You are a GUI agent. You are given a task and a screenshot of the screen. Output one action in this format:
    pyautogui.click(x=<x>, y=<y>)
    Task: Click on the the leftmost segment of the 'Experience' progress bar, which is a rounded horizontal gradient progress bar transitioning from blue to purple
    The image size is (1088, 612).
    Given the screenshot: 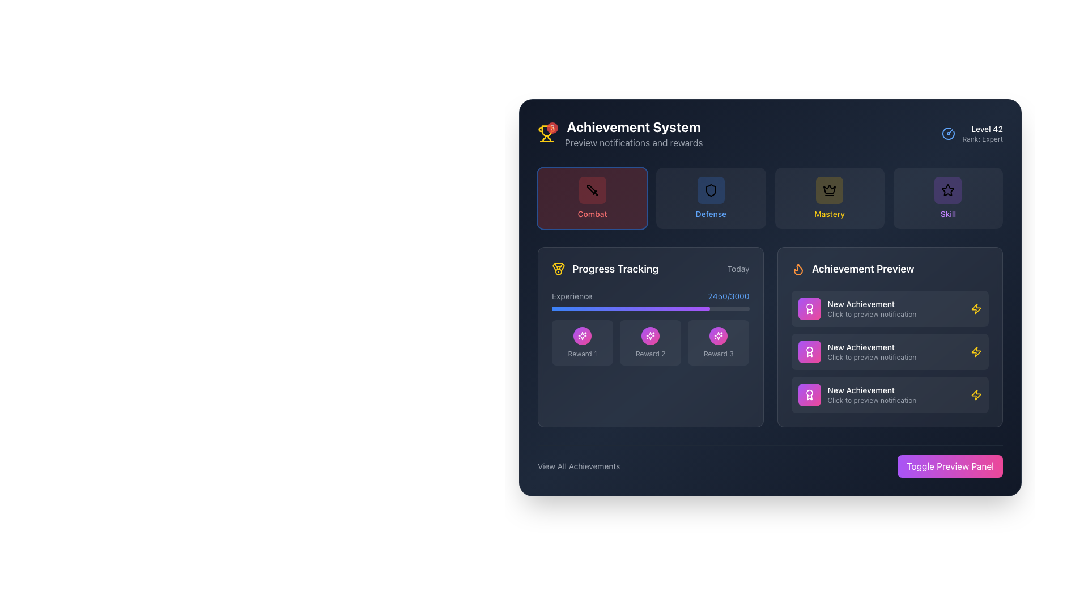 What is the action you would take?
    pyautogui.click(x=630, y=308)
    